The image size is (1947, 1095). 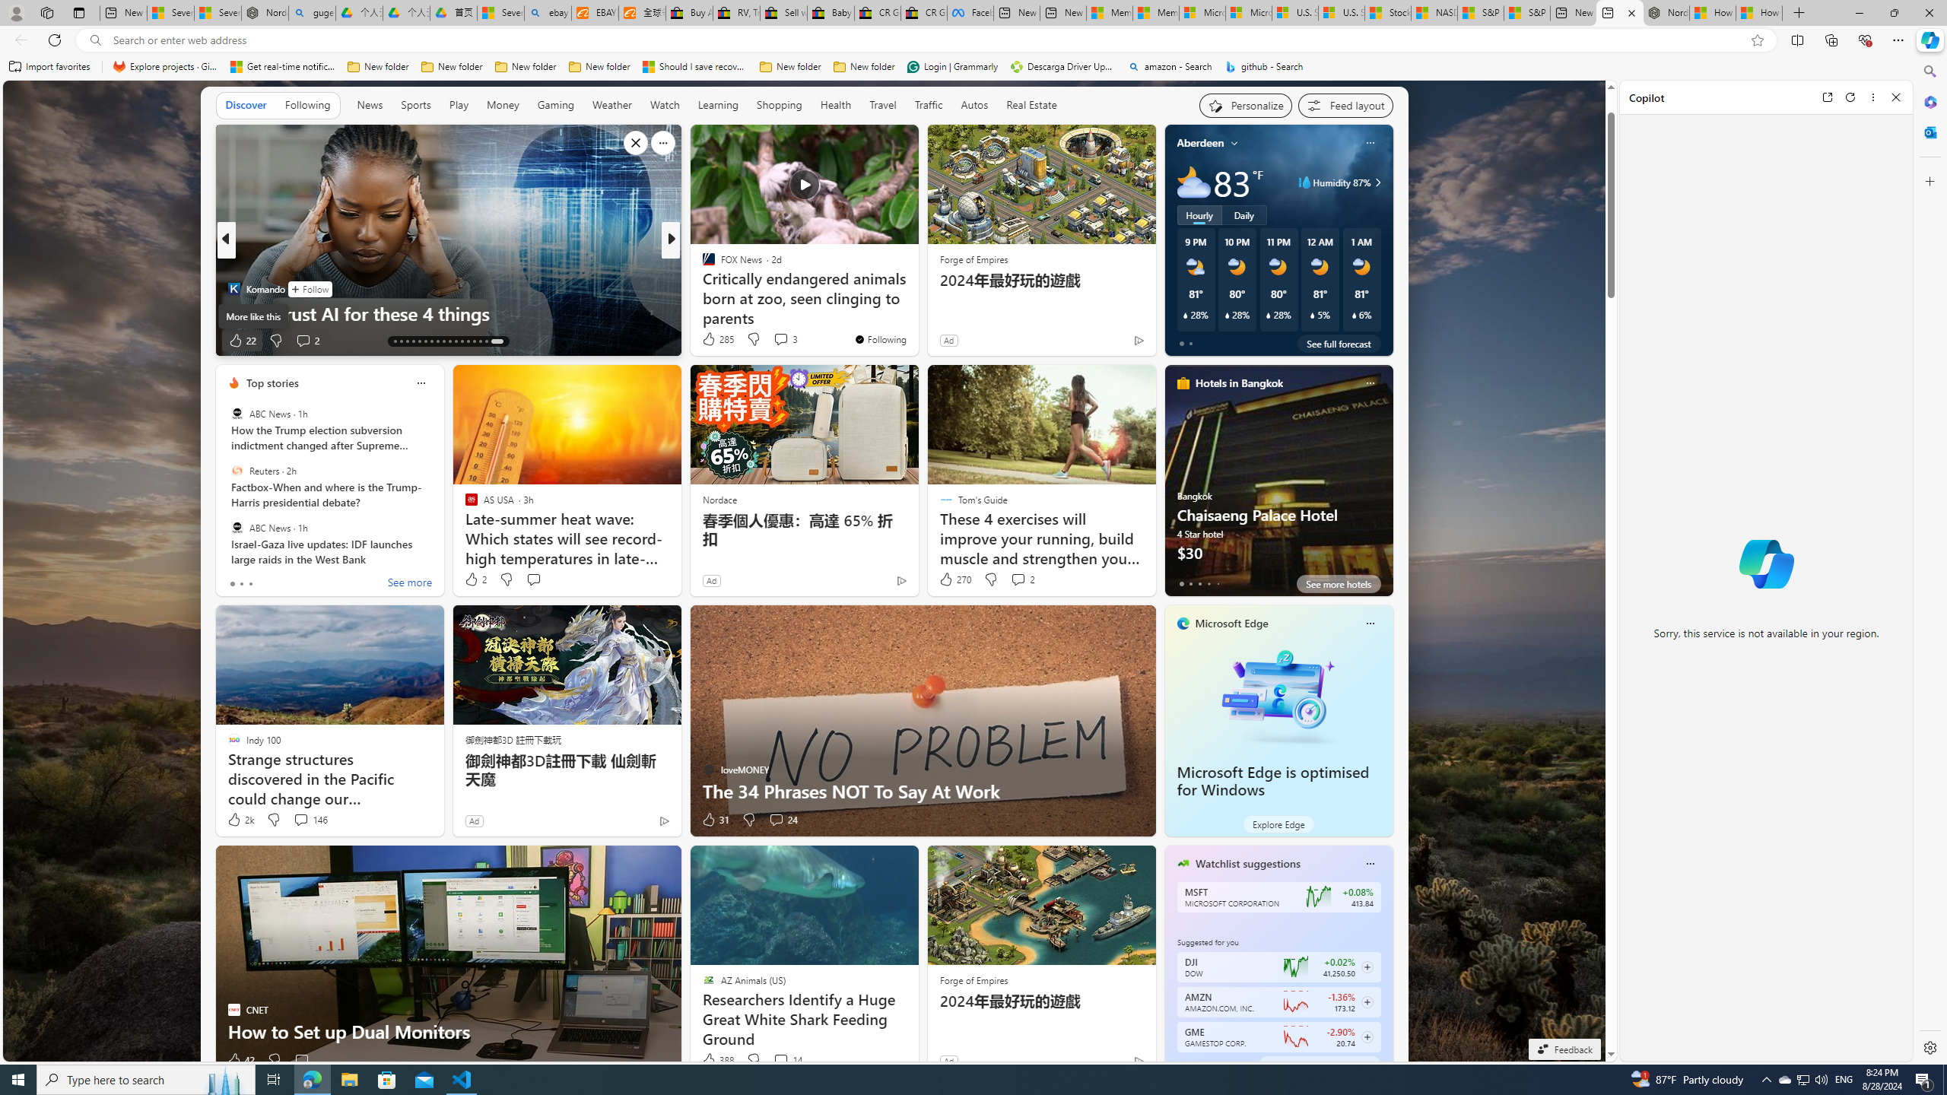 What do you see at coordinates (1062, 66) in the screenshot?
I see `'Descarga Driver Updater'` at bounding box center [1062, 66].